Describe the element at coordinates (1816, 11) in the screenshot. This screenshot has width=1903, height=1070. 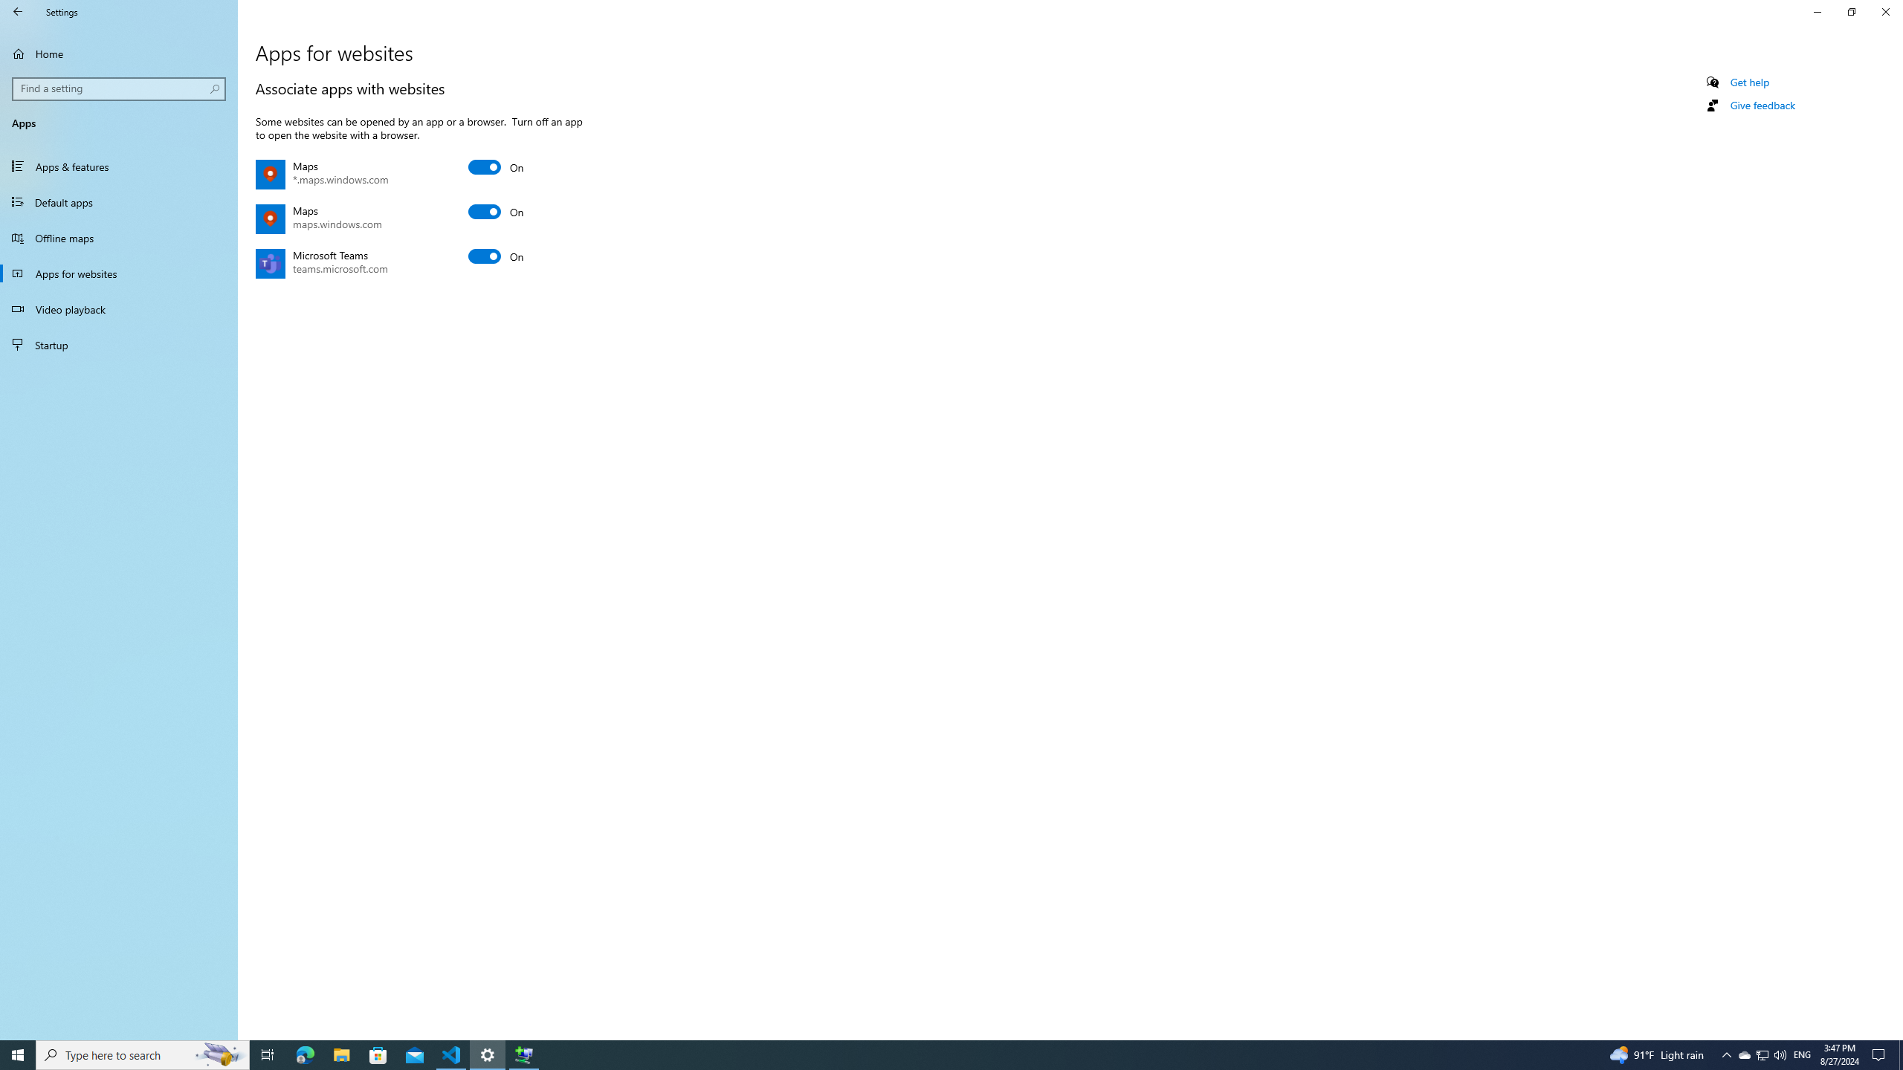
I see `'Minimize Settings'` at that location.